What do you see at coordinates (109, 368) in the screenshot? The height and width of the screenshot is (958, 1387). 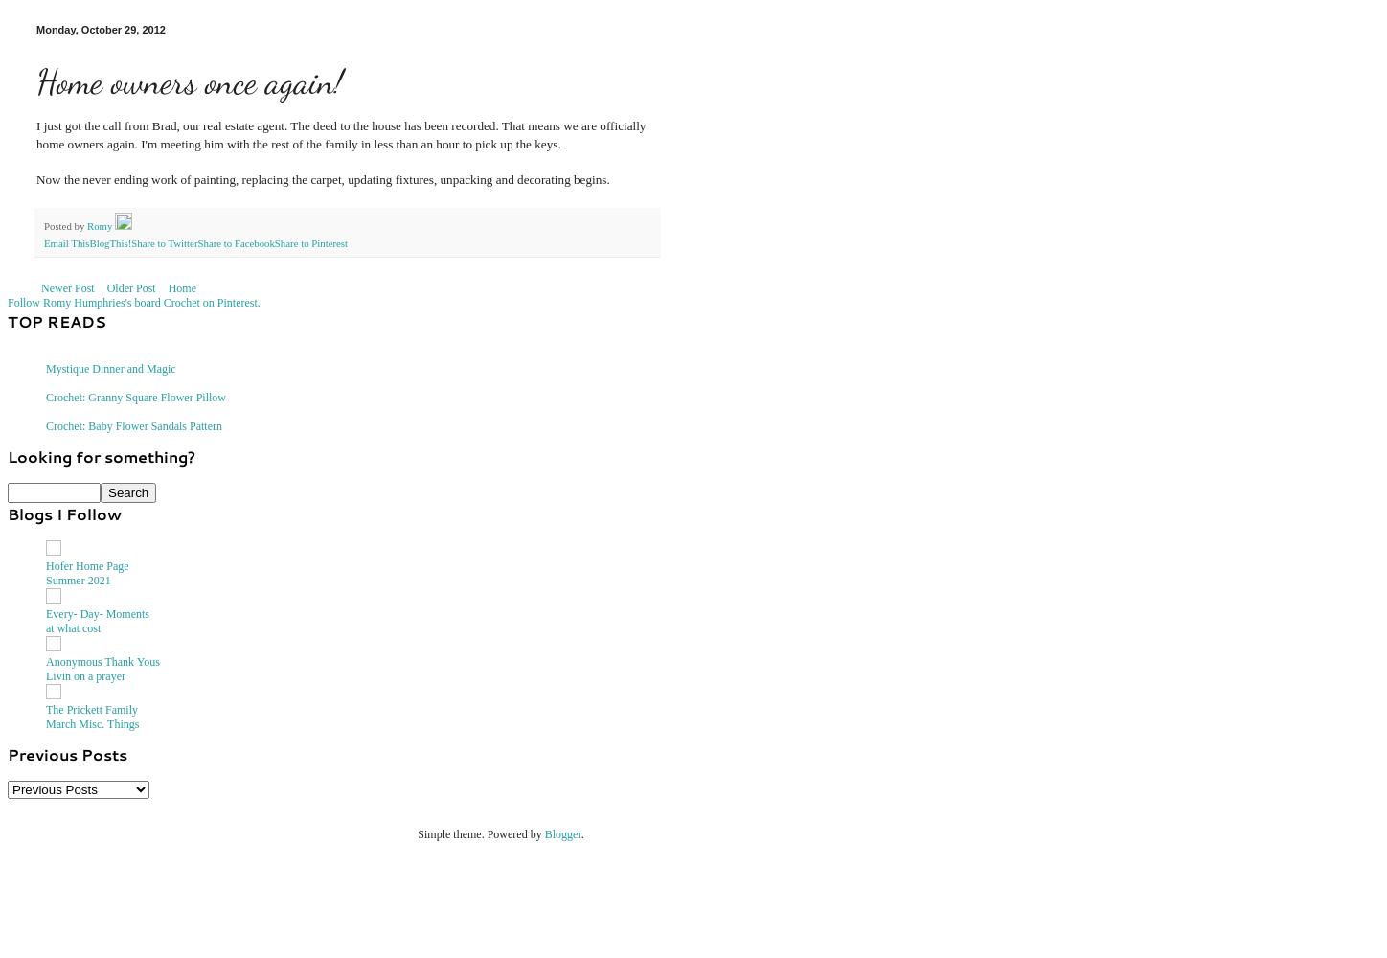 I see `'Mystique Dinner and Magic'` at bounding box center [109, 368].